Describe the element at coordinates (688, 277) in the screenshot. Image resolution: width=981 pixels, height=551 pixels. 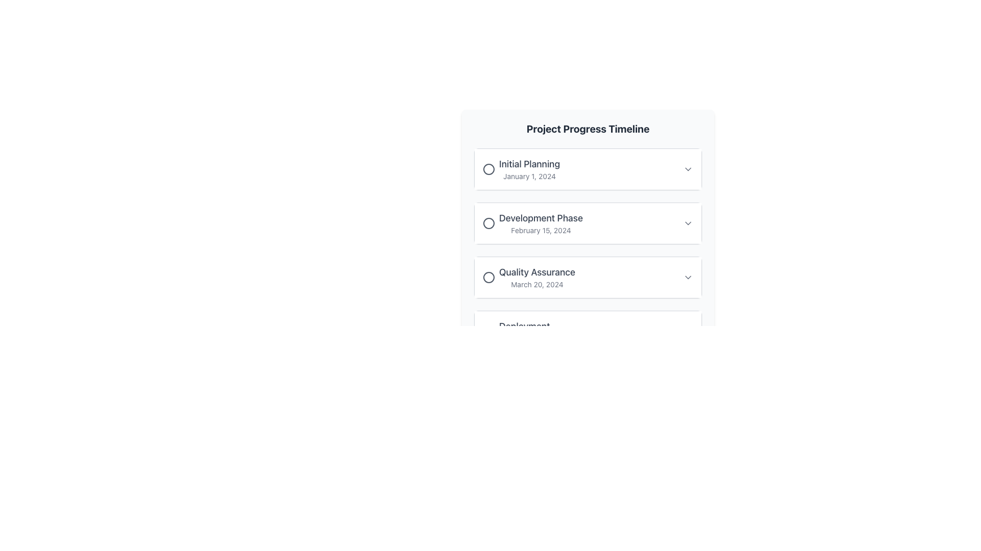
I see `the gray downward-pointing chevron icon on the far right side of the 'Quality Assurance - March 20, 2024' entry in the Project Progress Timeline interface` at that location.